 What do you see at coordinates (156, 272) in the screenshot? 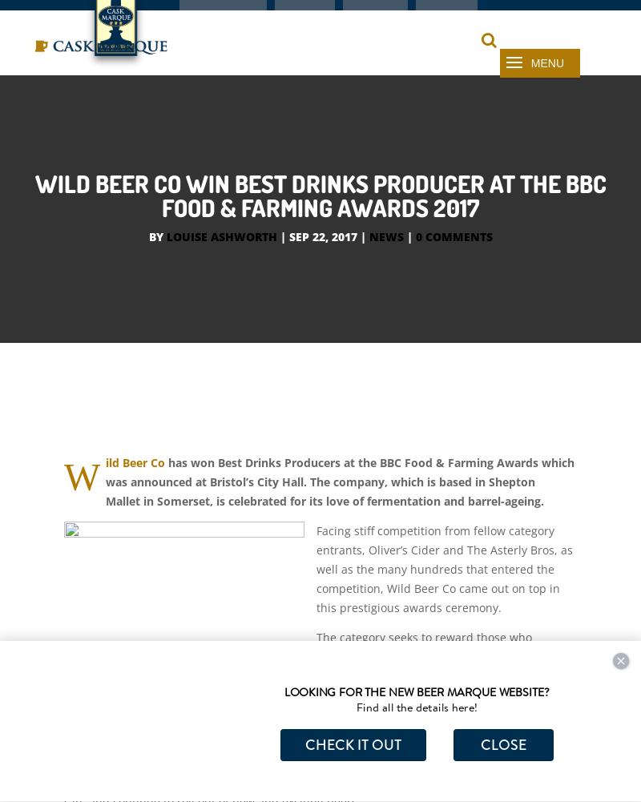
I see `'by'` at bounding box center [156, 272].